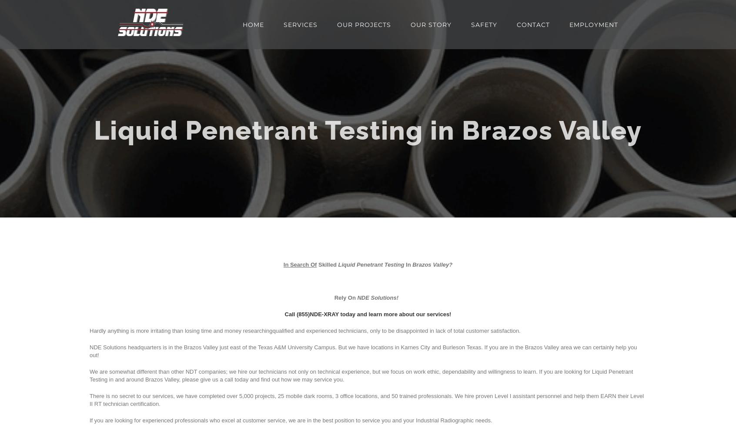  I want to click on 'In', so click(408, 264).